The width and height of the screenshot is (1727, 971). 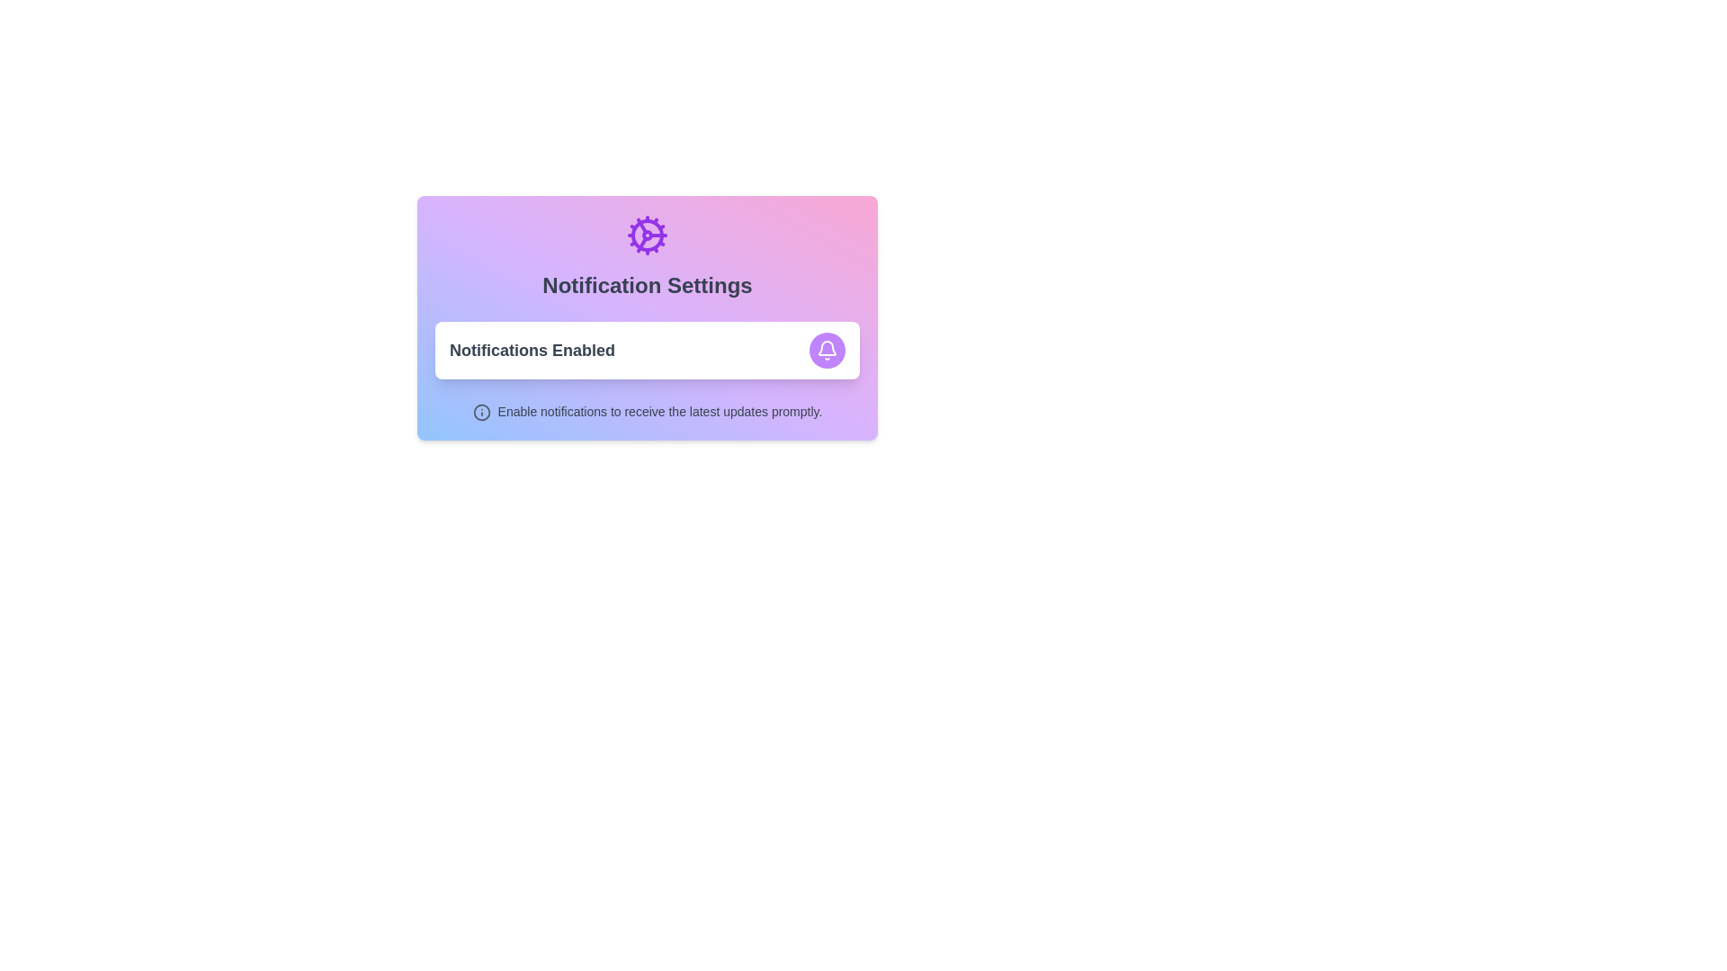 What do you see at coordinates (648, 235) in the screenshot?
I see `the purple cog icon representing settings, located above the text 'Notification Settings', to initiate interaction` at bounding box center [648, 235].